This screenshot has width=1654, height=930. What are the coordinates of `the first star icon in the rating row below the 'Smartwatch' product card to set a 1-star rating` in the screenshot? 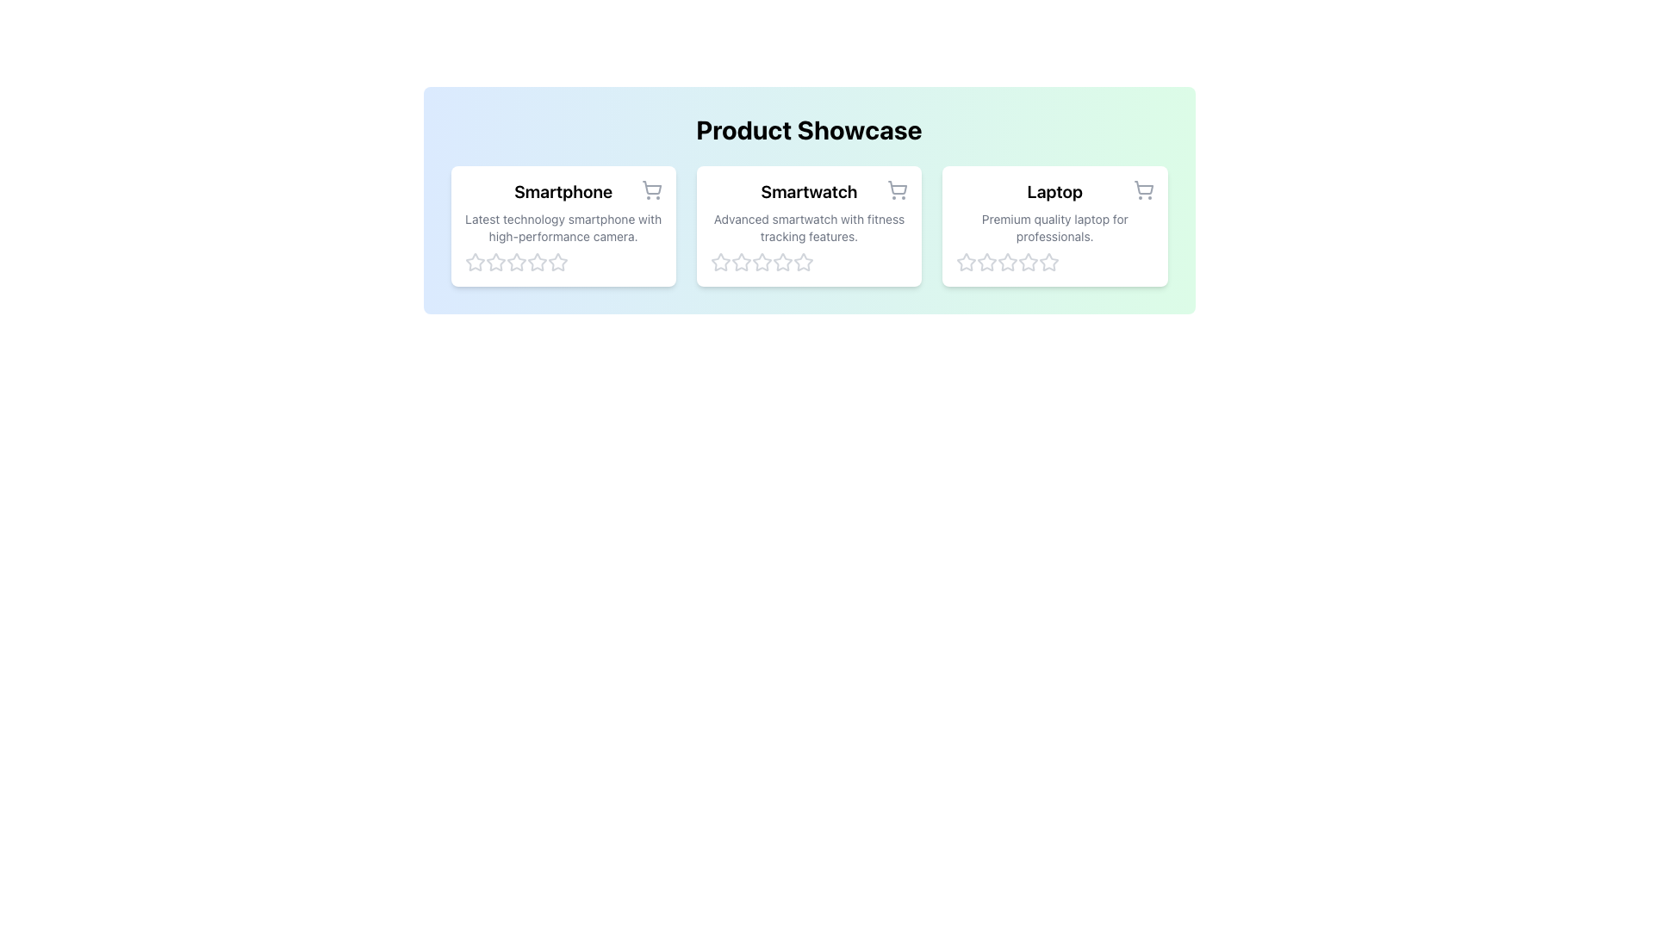 It's located at (720, 262).